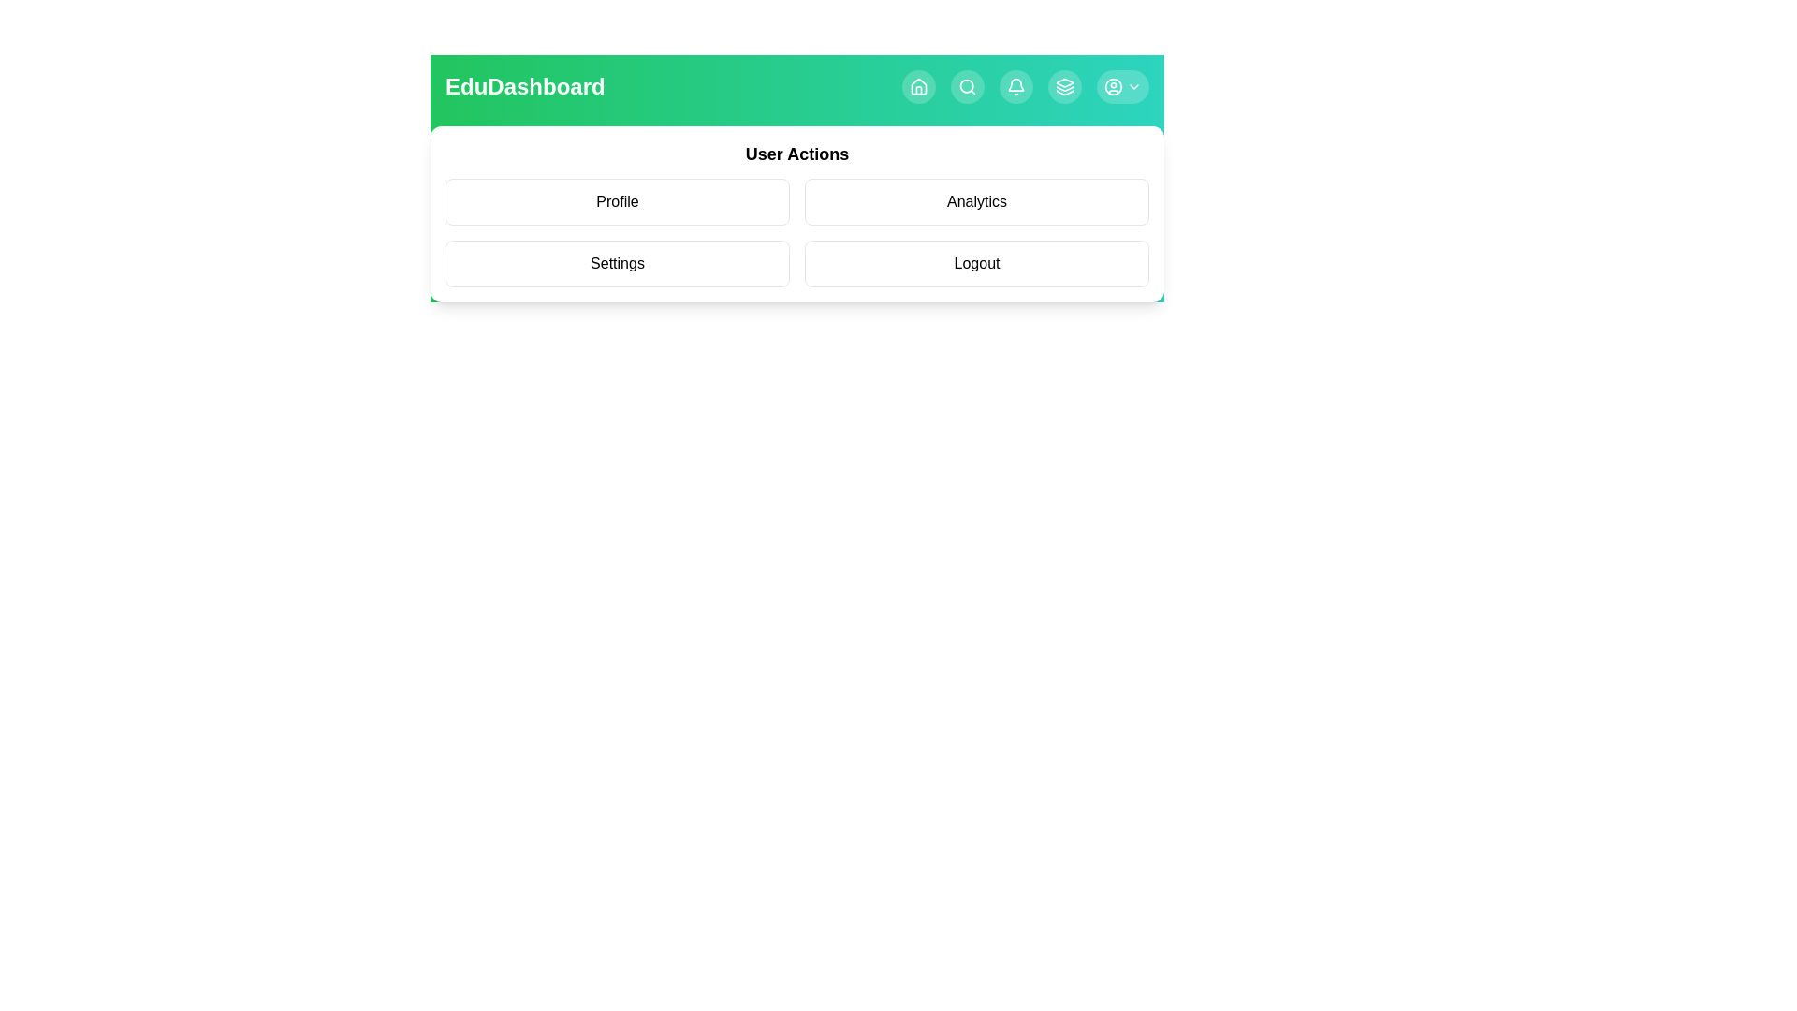 The width and height of the screenshot is (1797, 1011). What do you see at coordinates (975, 263) in the screenshot?
I see `the user action item Logout from the menu` at bounding box center [975, 263].